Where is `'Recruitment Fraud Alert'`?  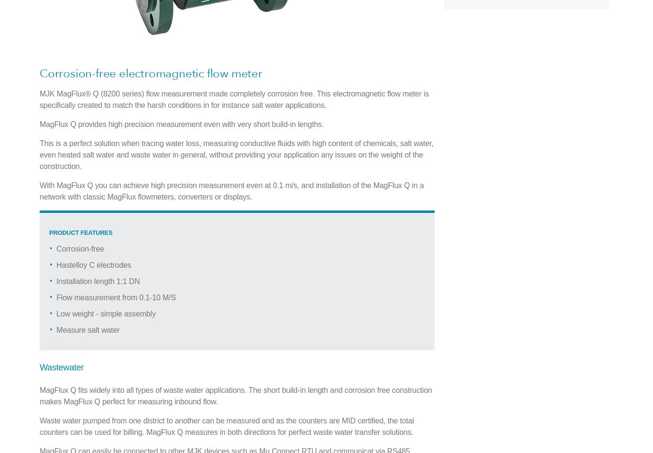 'Recruitment Fraud Alert' is located at coordinates (543, 200).